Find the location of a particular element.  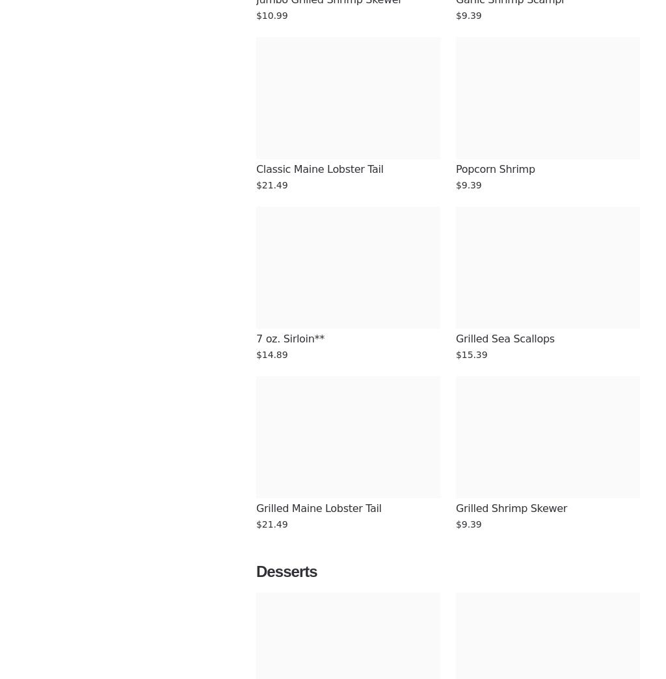

'$15.39' is located at coordinates (471, 355).